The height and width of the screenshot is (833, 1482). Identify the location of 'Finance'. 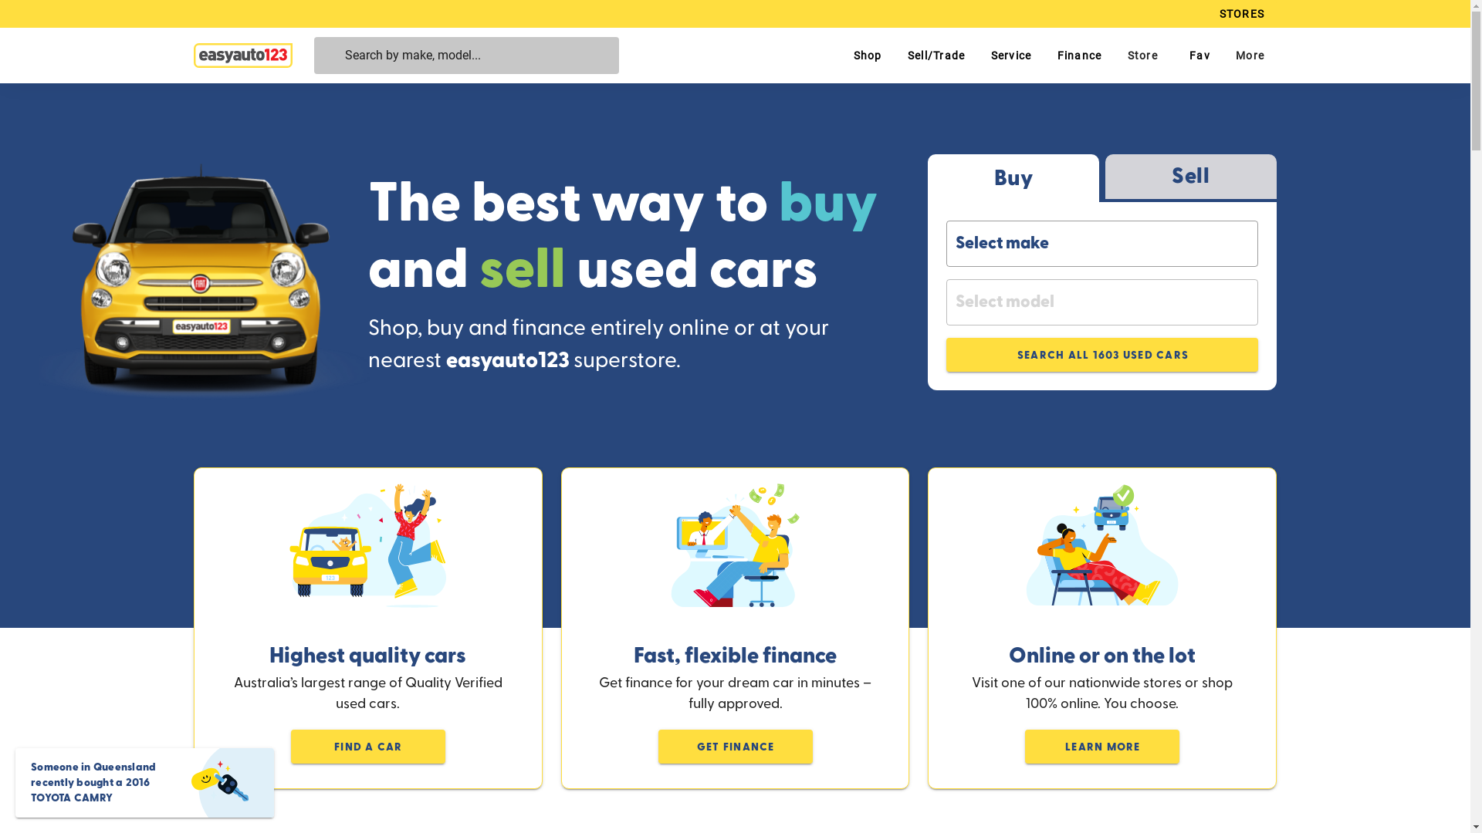
(1078, 55).